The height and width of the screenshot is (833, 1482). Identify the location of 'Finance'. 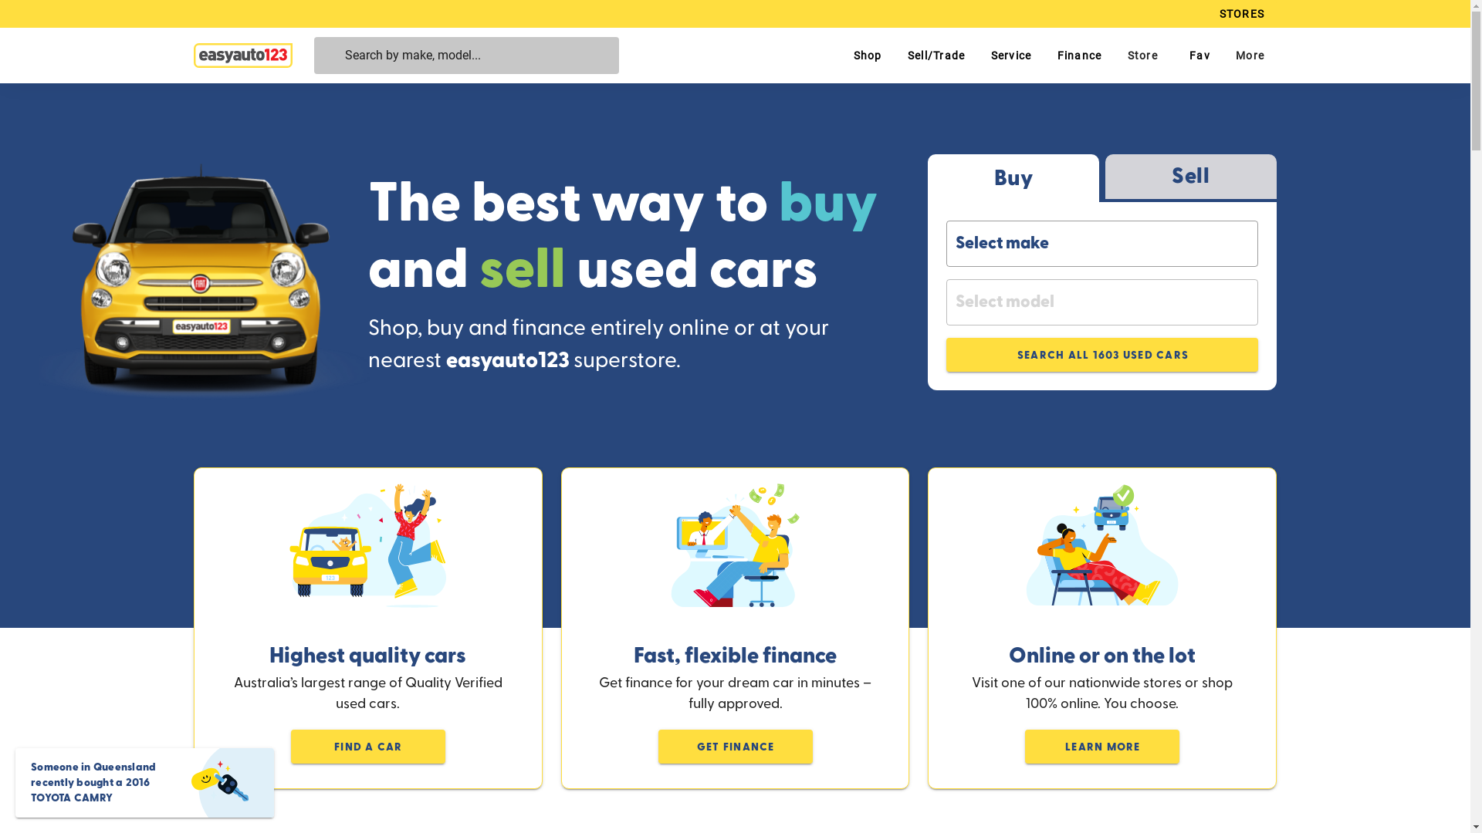
(1078, 55).